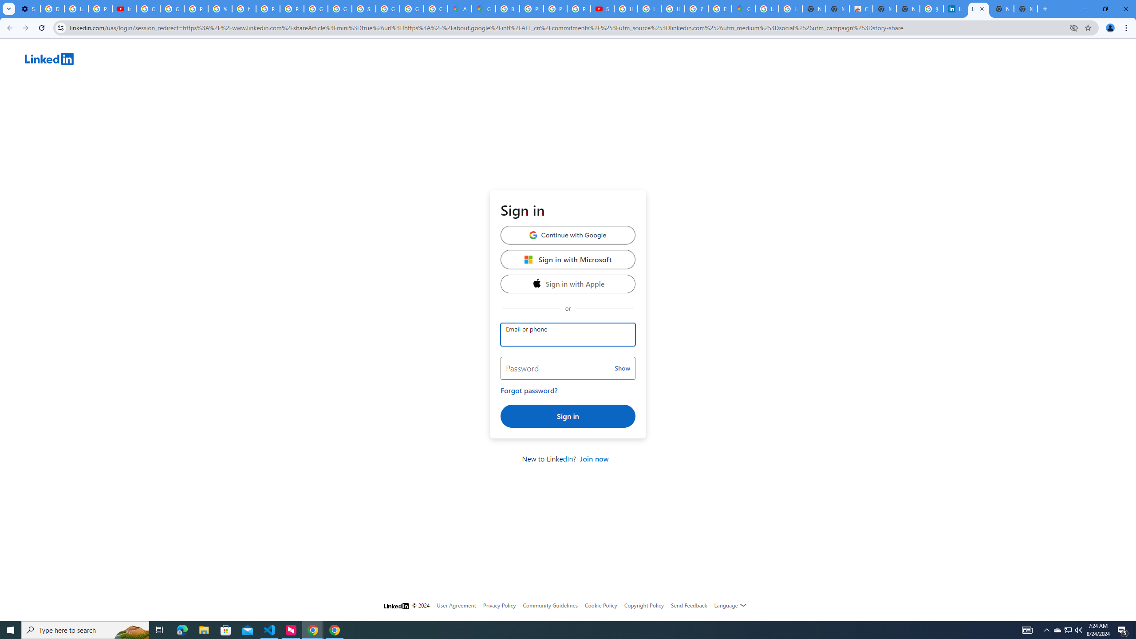  What do you see at coordinates (568, 368) in the screenshot?
I see `'Password'` at bounding box center [568, 368].